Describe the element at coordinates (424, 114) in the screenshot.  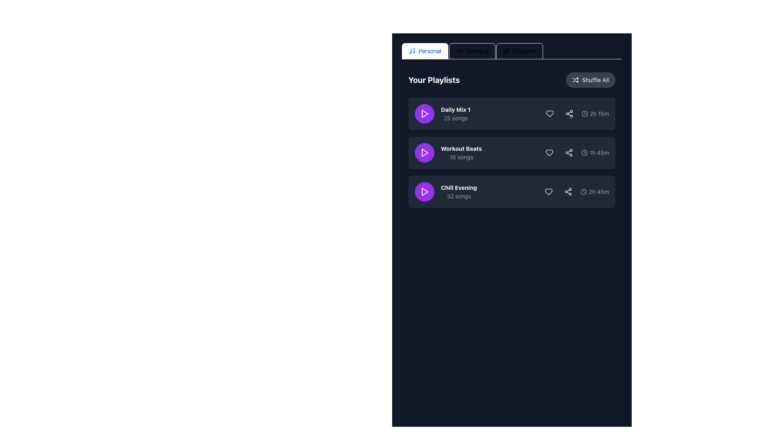
I see `the play icon inside the circular purple button` at that location.